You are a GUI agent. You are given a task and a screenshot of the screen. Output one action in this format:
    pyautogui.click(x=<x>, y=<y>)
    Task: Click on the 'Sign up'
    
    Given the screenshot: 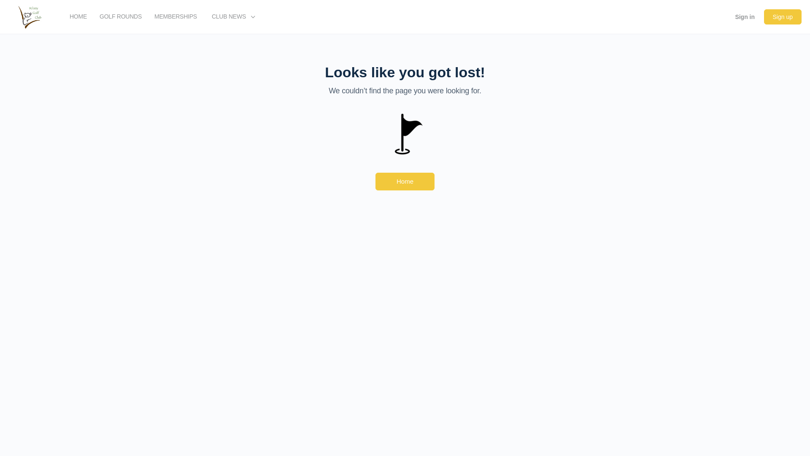 What is the action you would take?
    pyautogui.click(x=782, y=16)
    